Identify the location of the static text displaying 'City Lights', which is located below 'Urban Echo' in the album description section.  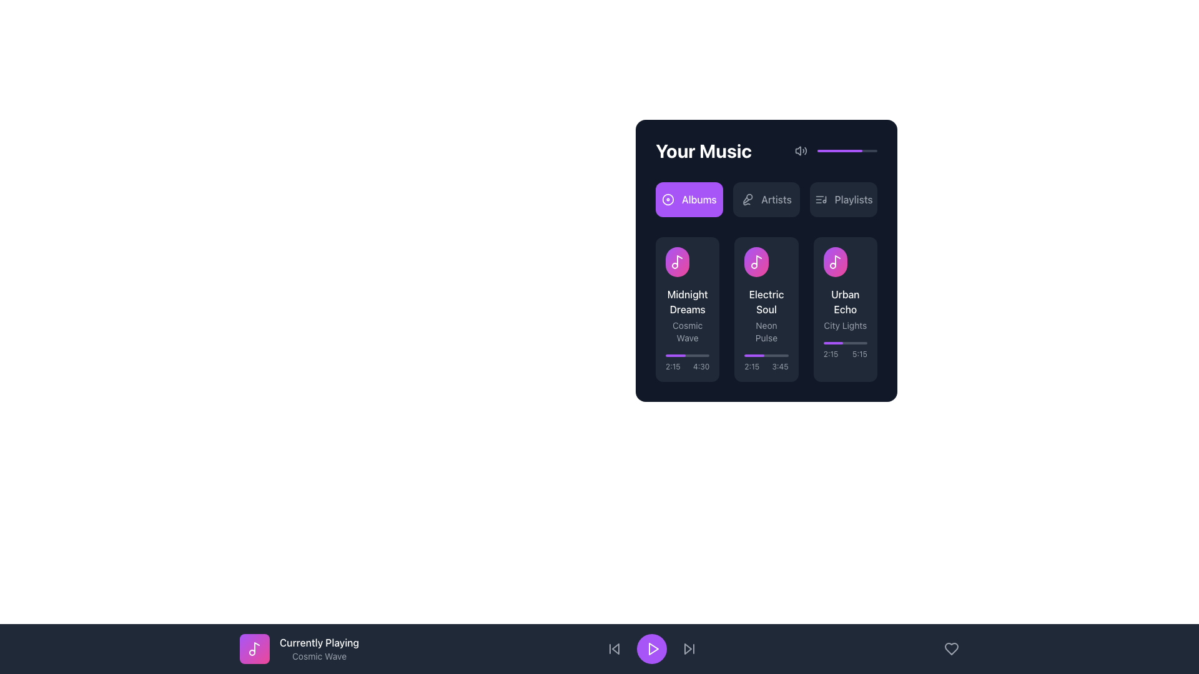
(845, 325).